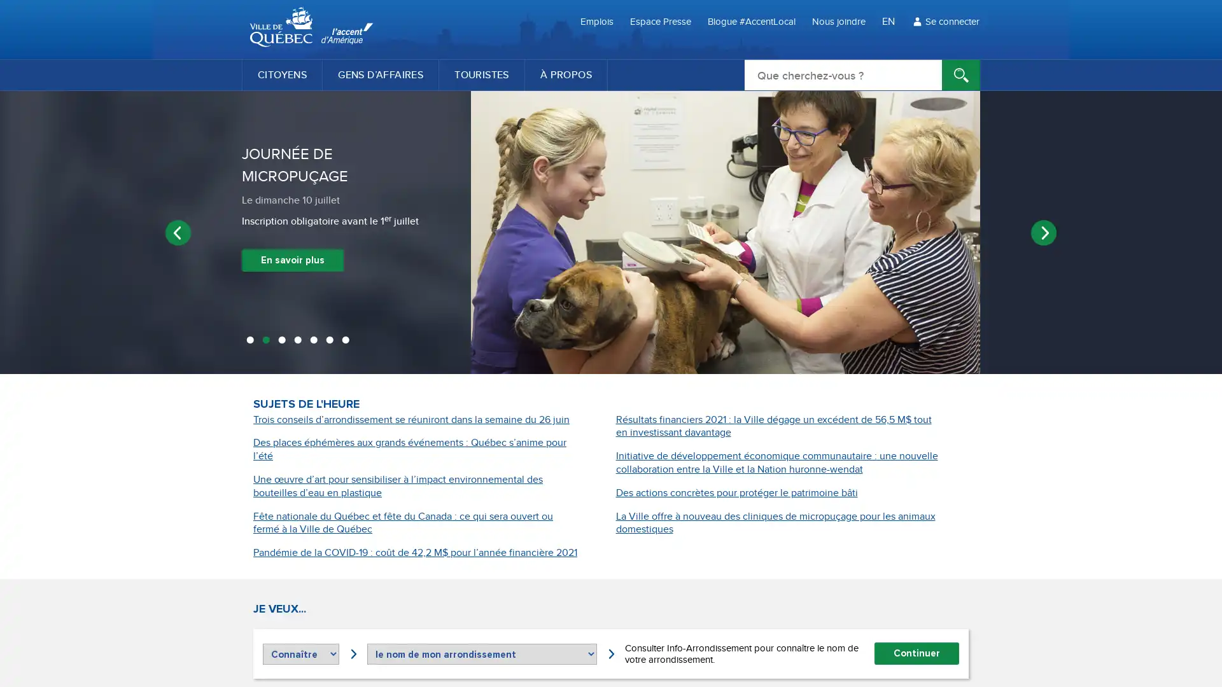 Image resolution: width=1222 pixels, height=687 pixels. What do you see at coordinates (177, 232) in the screenshot?
I see `Diapositive precedente` at bounding box center [177, 232].